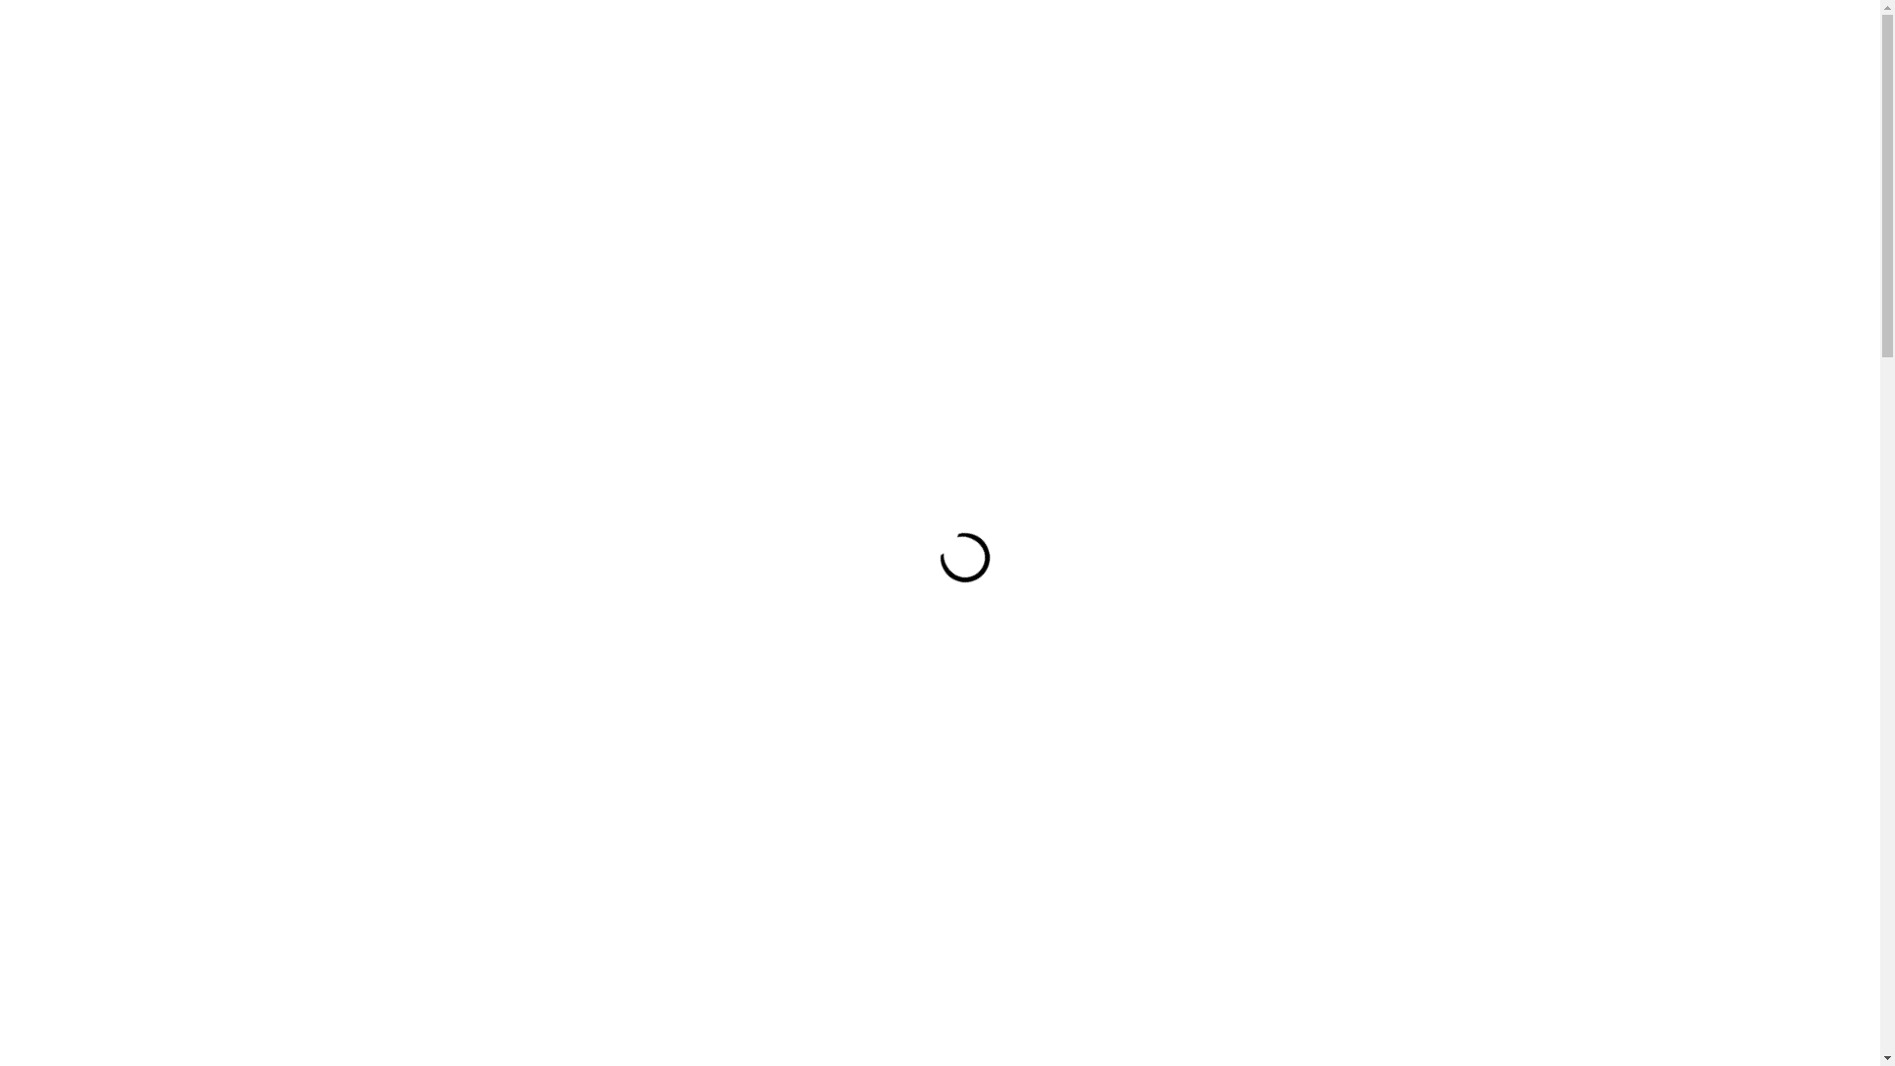  I want to click on 'indoor', so click(691, 143).